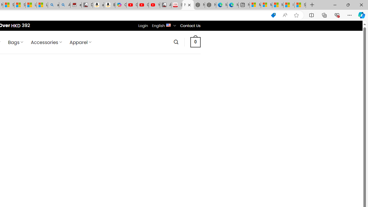 Image resolution: width=368 pixels, height=207 pixels. Describe the element at coordinates (361, 15) in the screenshot. I see `'Copilot (Ctrl+Shift+.)'` at that location.